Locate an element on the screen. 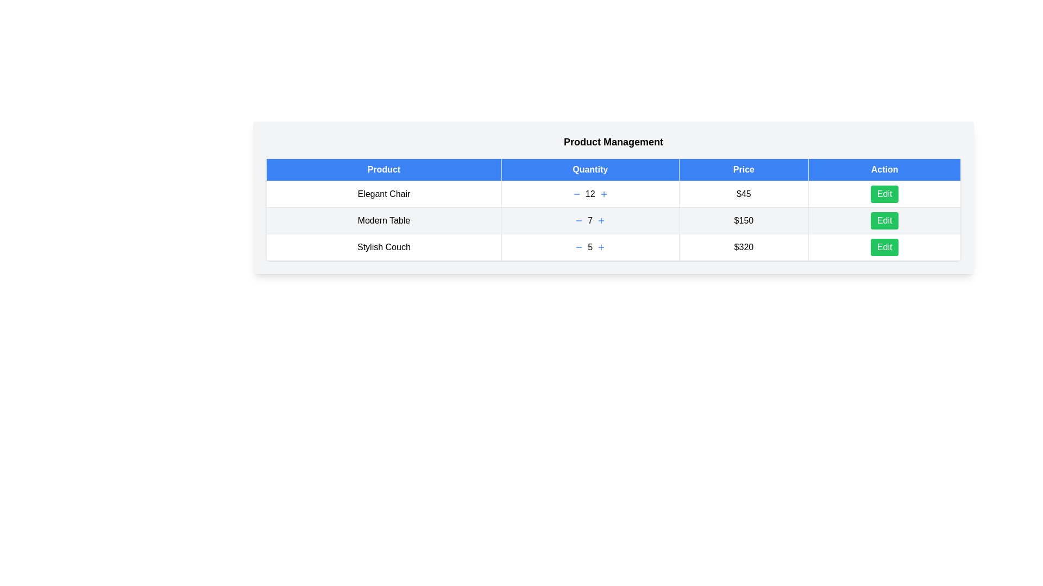  the 'Edit' button for the product with description 'Elegant Chair' is located at coordinates (884, 194).